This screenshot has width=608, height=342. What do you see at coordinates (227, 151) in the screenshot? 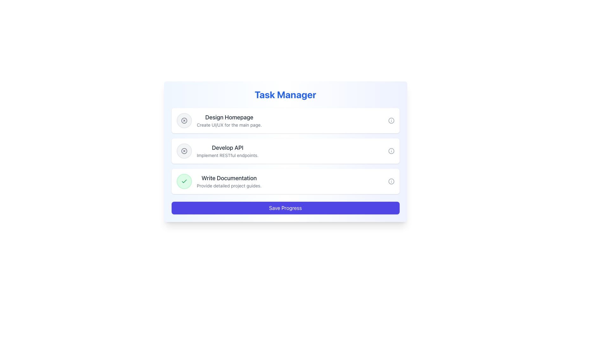
I see `the static text label for the task 'Develop API' in the Task Manager interface, which is positioned as the second task in a vertical list` at bounding box center [227, 151].